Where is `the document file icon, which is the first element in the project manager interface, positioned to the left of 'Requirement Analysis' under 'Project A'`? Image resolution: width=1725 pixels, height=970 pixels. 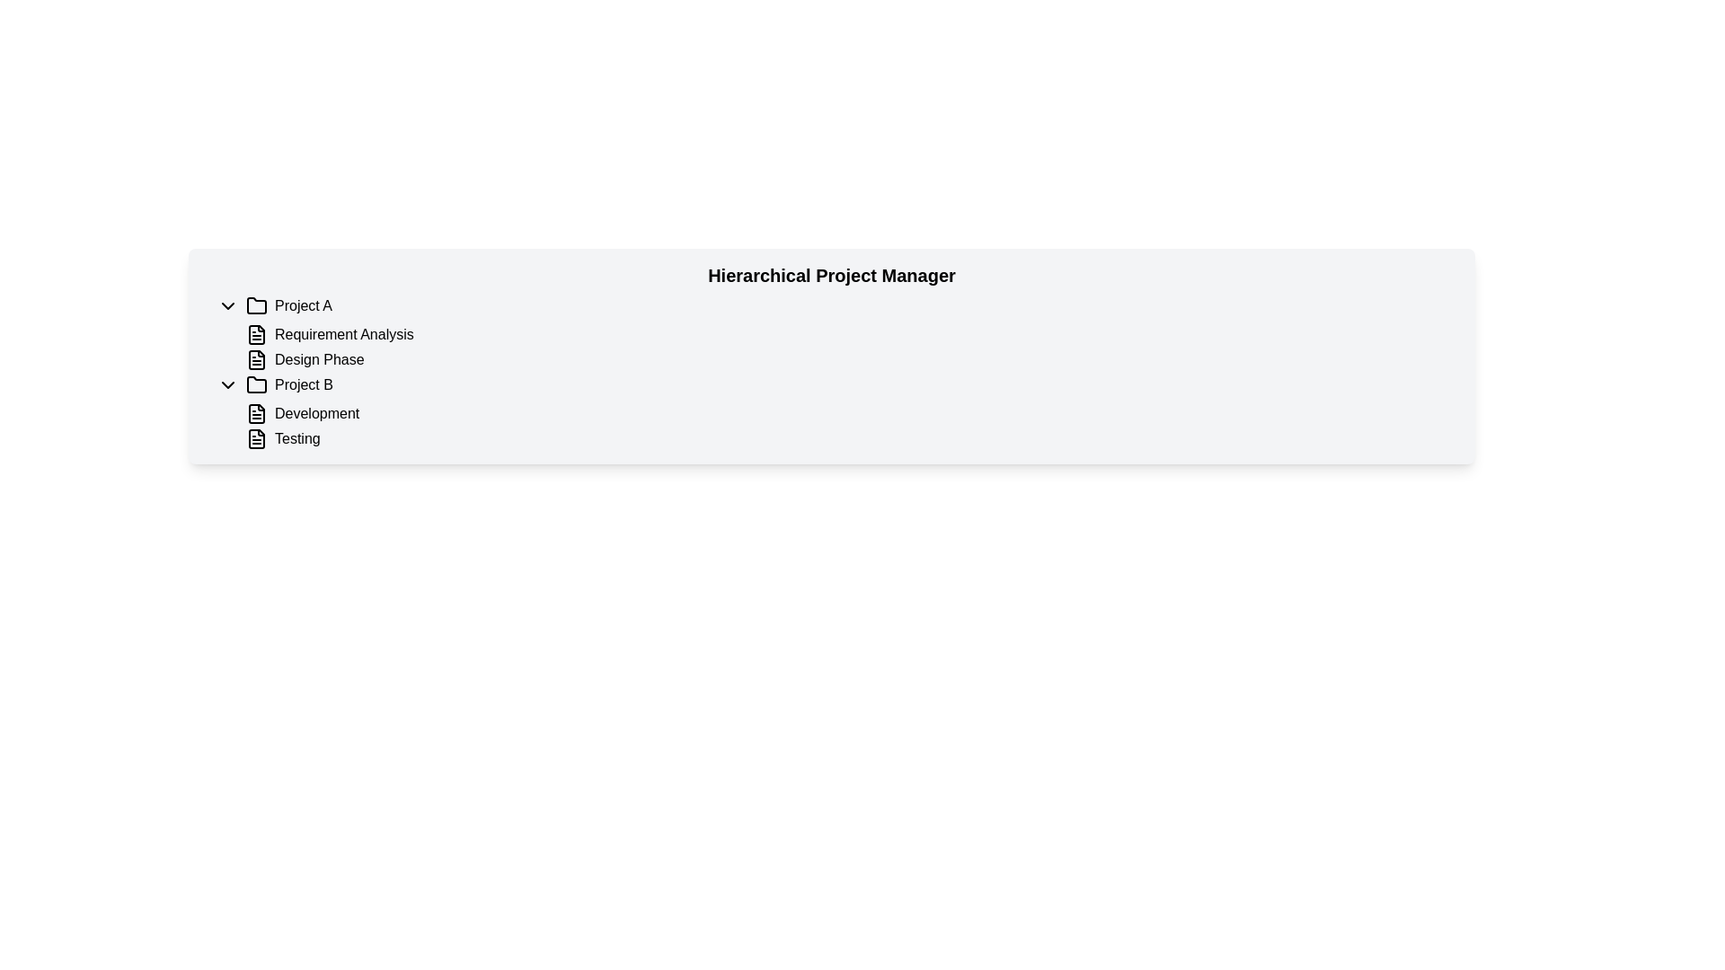 the document file icon, which is the first element in the project manager interface, positioned to the left of 'Requirement Analysis' under 'Project A' is located at coordinates (256, 335).